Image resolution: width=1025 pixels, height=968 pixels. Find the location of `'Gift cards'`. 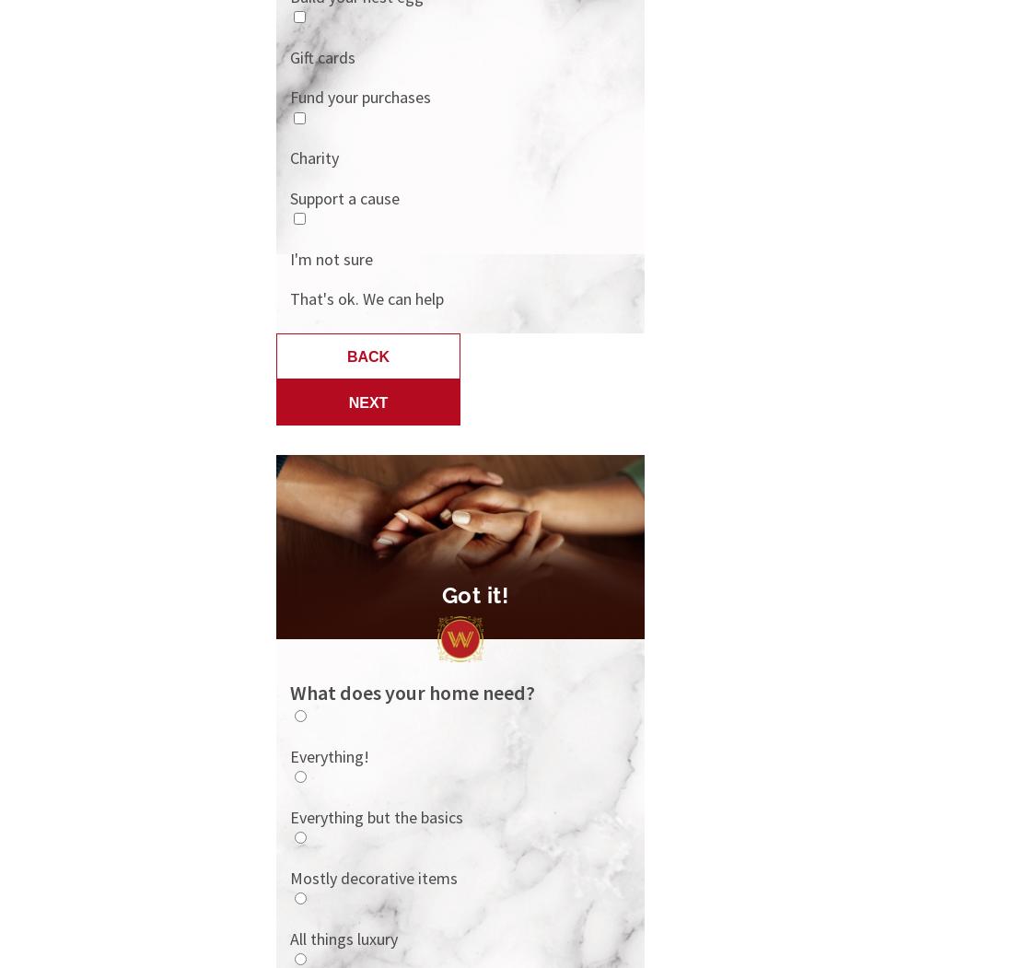

'Gift cards' is located at coordinates (322, 56).